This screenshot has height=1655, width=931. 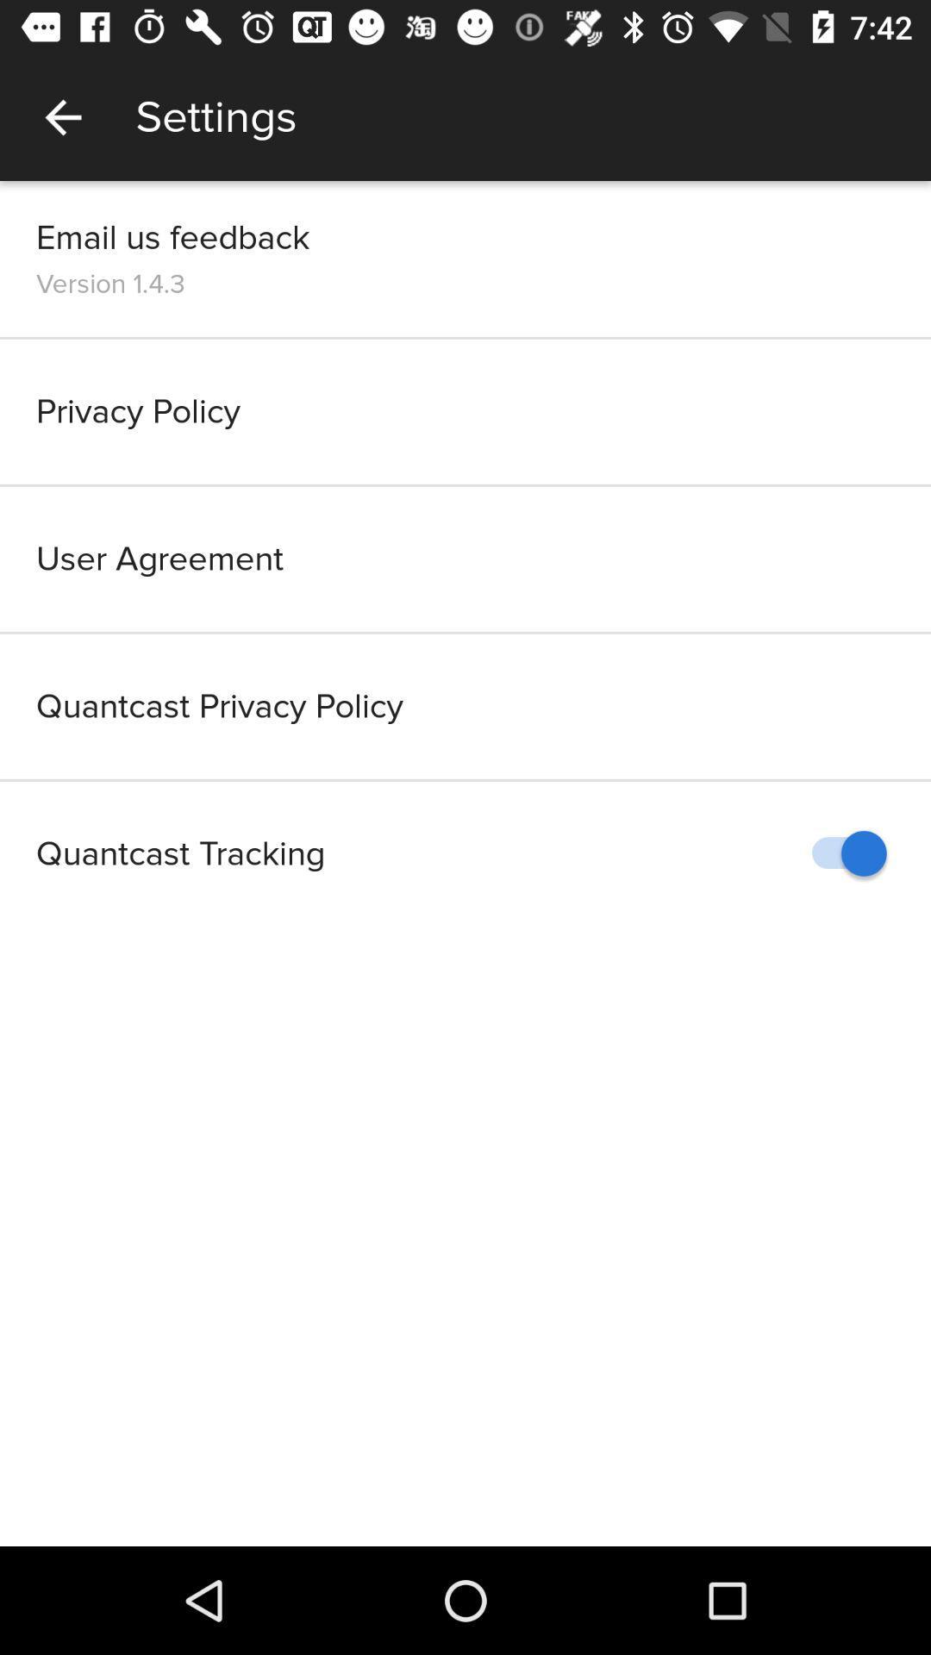 I want to click on the item on the right, so click(x=840, y=853).